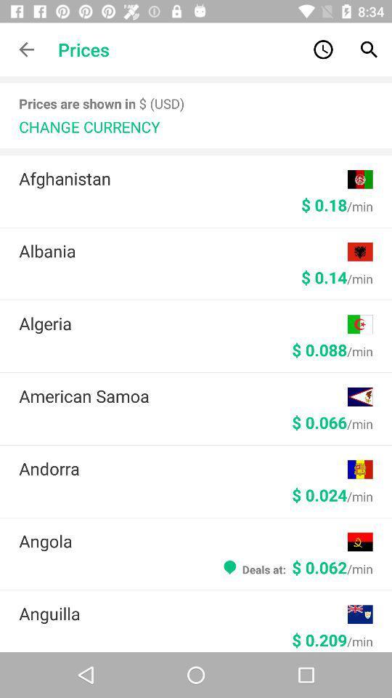  Describe the element at coordinates (183, 323) in the screenshot. I see `the algeria item` at that location.